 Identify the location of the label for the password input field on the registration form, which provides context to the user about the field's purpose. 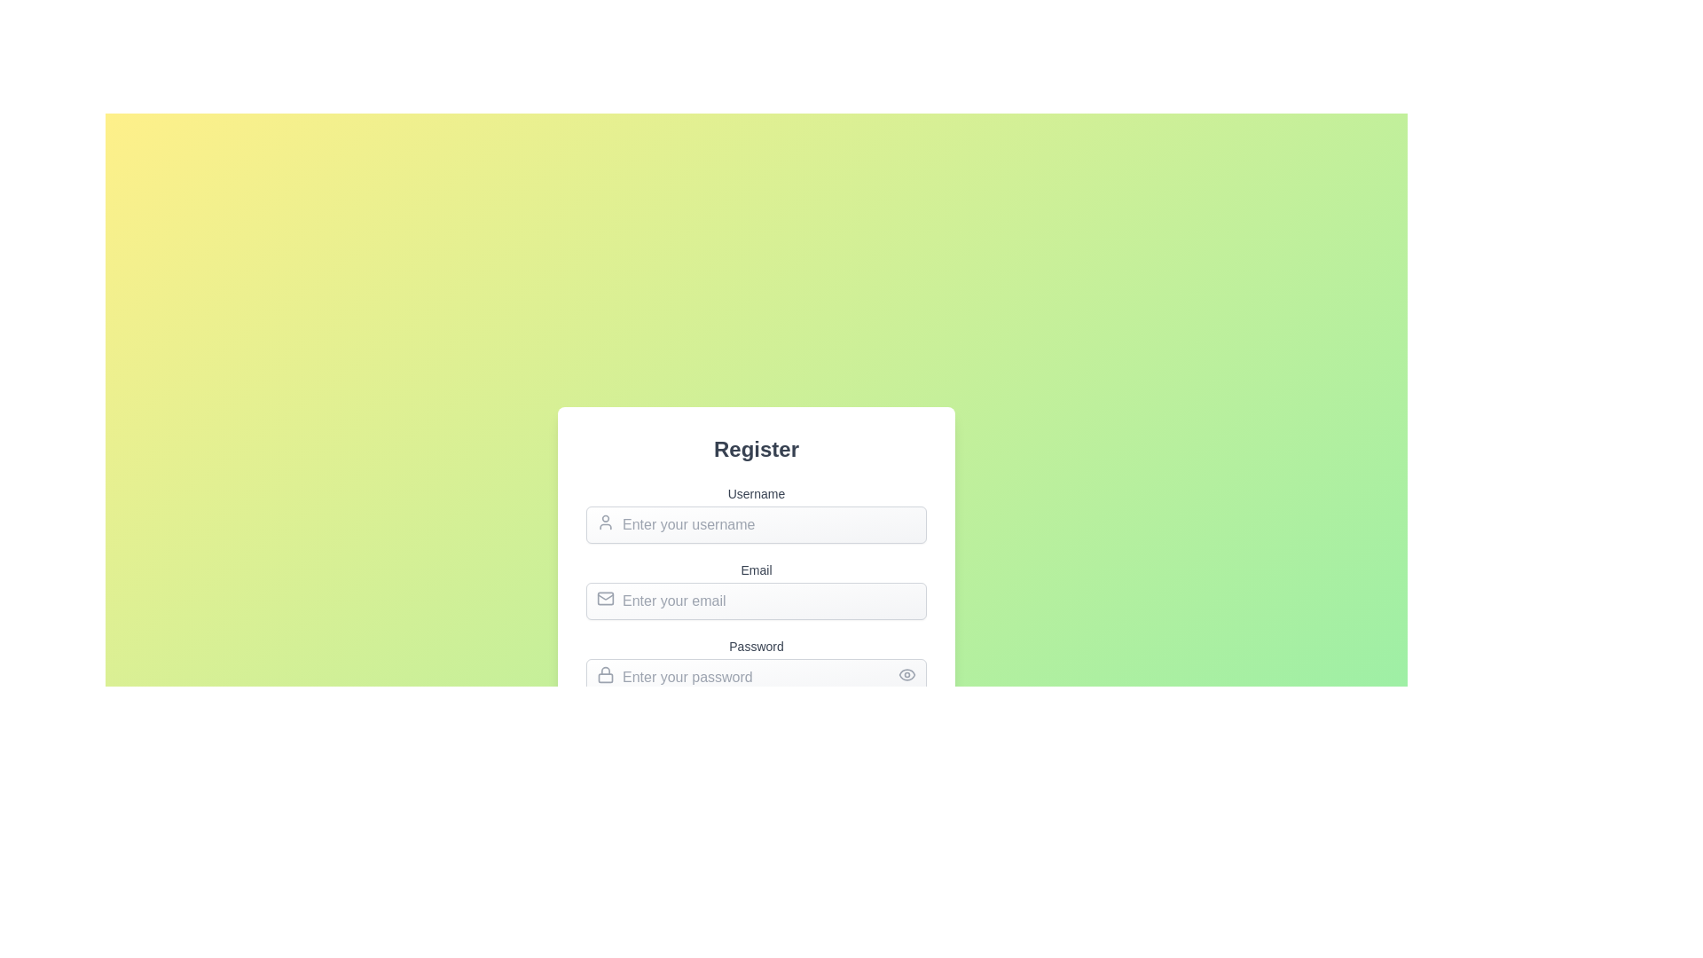
(757, 647).